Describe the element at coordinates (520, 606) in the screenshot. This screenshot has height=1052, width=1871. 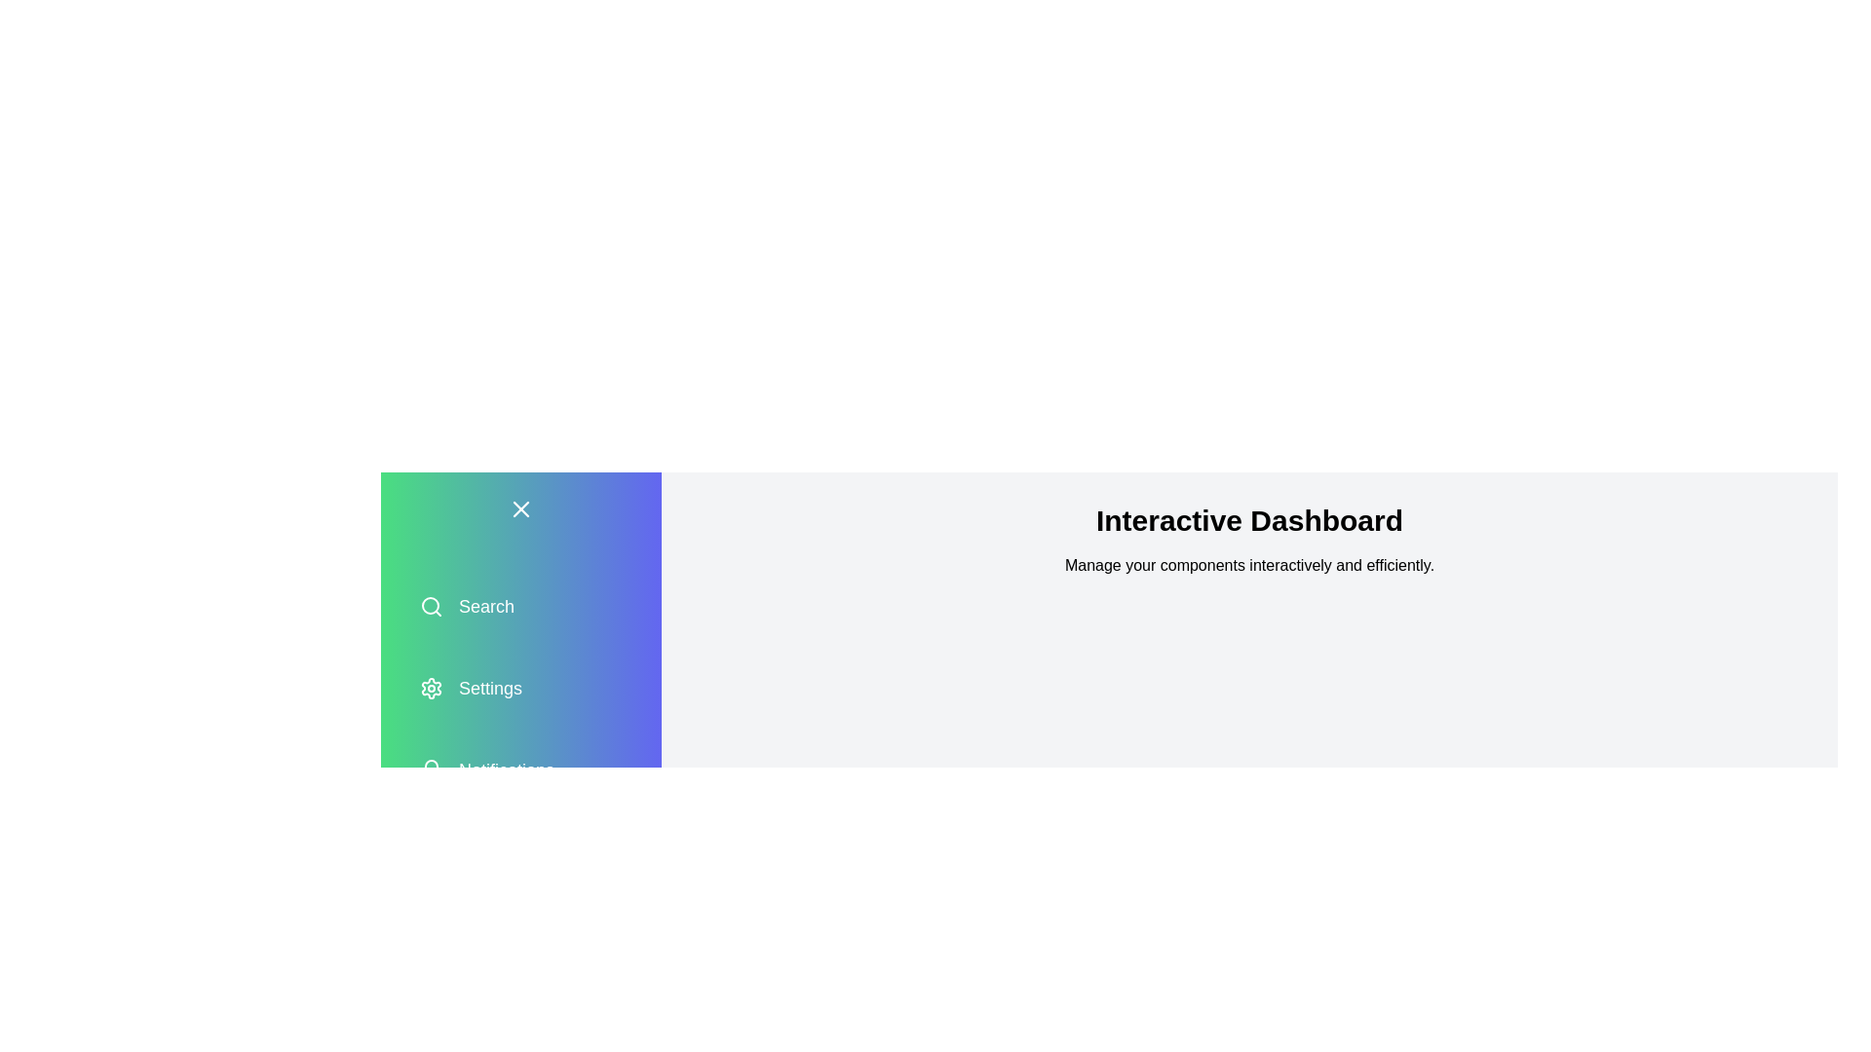
I see `the menu option Search in the drawer` at that location.